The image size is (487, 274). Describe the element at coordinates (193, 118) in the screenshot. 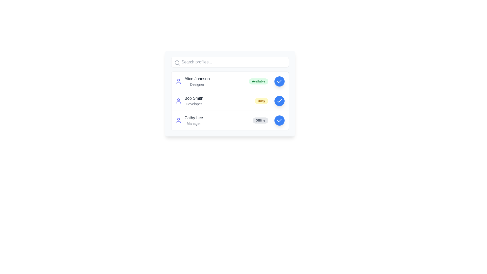

I see `the label that identifies the individual associated with the user profile card located in the third position of a vertically stacked list, situated above the title 'Manager'` at that location.